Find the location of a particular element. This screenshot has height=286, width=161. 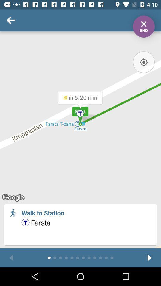

the arrow_backward icon is located at coordinates (11, 257).